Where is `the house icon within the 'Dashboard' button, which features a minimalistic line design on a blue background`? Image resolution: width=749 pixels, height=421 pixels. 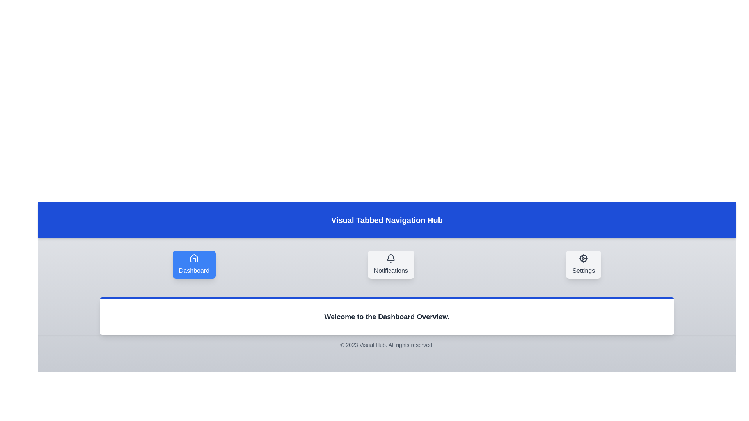 the house icon within the 'Dashboard' button, which features a minimalistic line design on a blue background is located at coordinates (194, 258).